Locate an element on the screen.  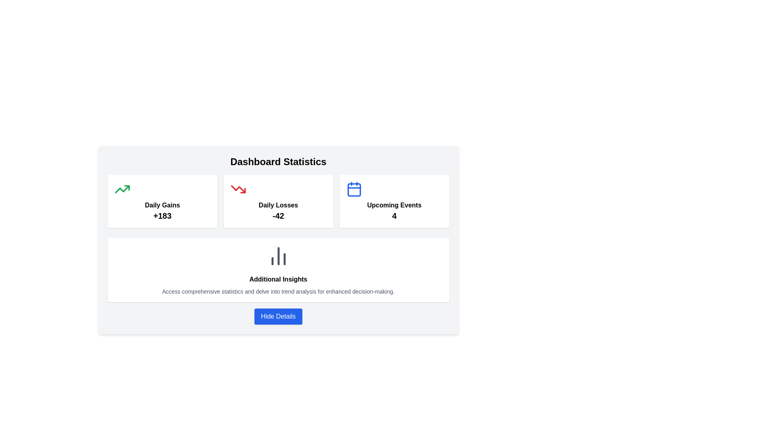
the red downward-pointing chevron icon indicating a decreasing trend within the 'Daily Losses -42' card is located at coordinates (238, 189).